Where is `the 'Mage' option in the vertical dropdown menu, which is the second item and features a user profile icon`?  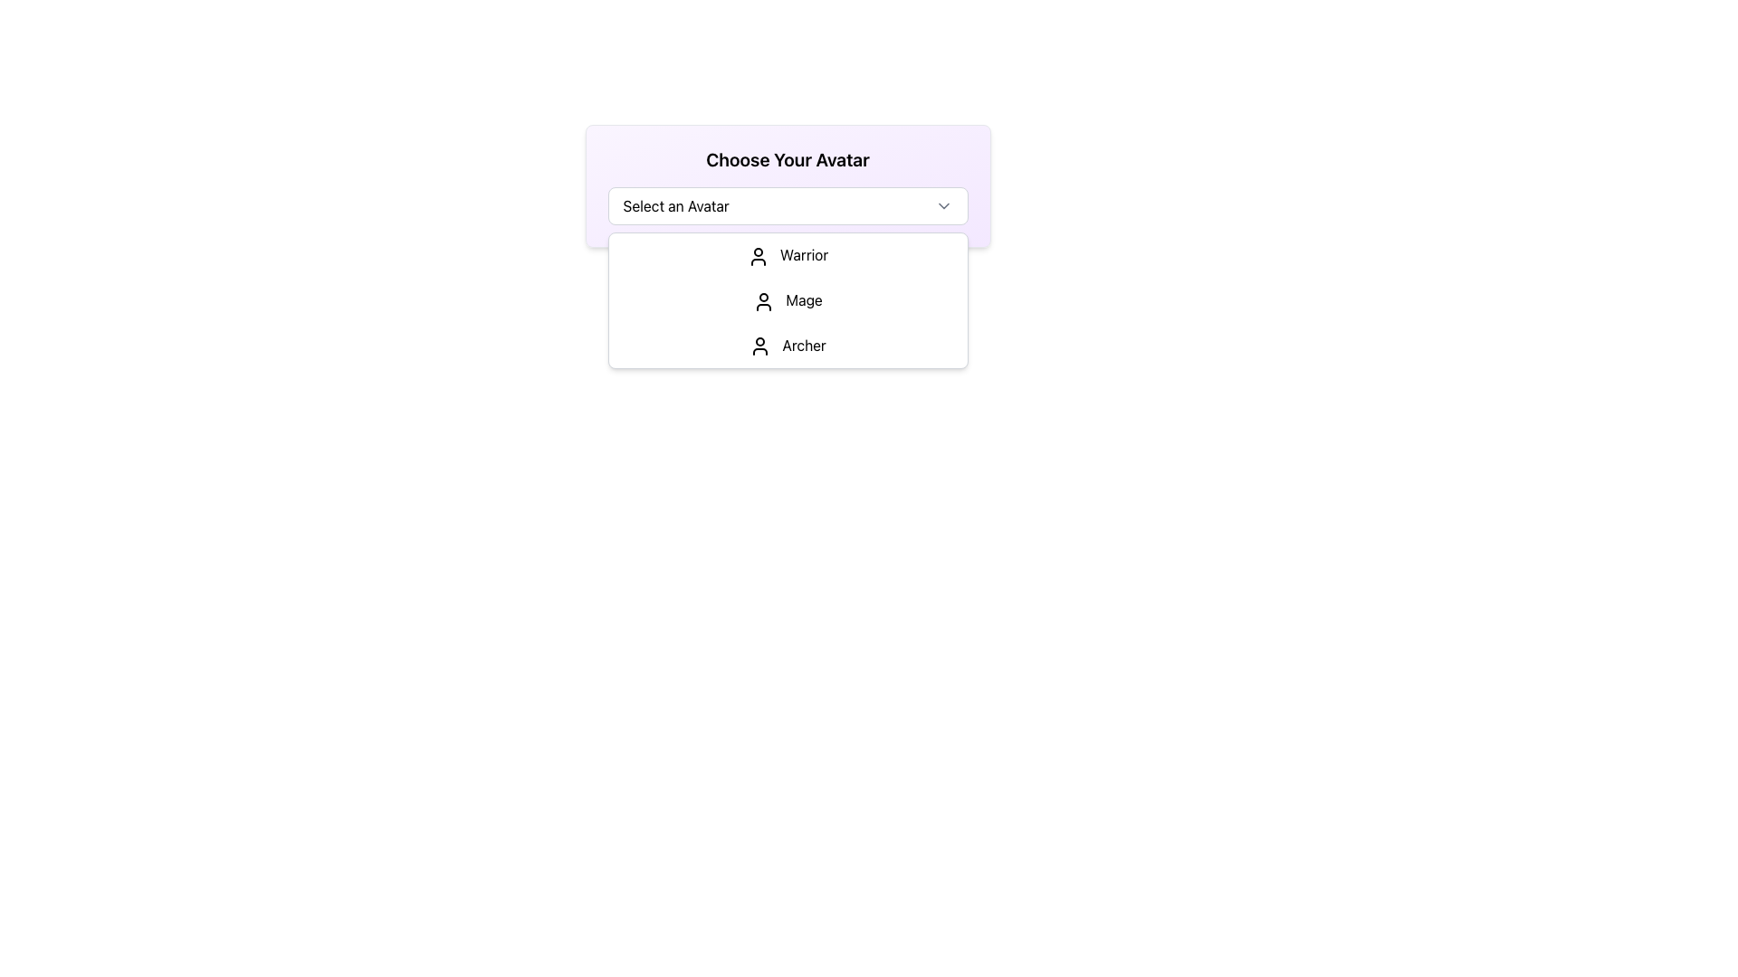 the 'Mage' option in the vertical dropdown menu, which is the second item and features a user profile icon is located at coordinates (788, 299).